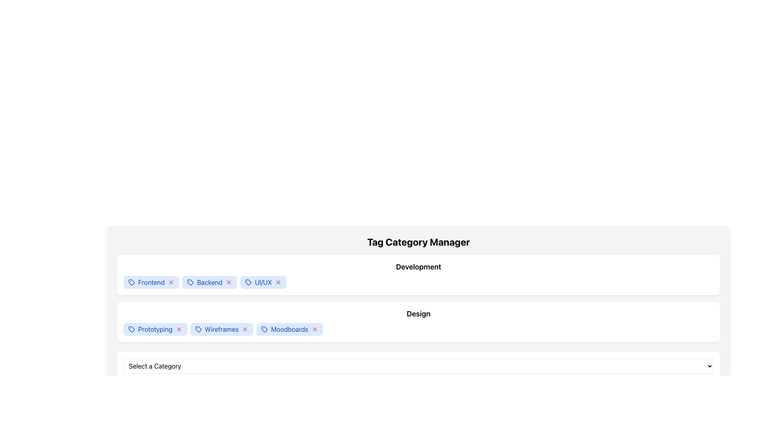 This screenshot has width=778, height=437. What do you see at coordinates (263, 282) in the screenshot?
I see `the 'UI/UX' tag element, which is the third tag under the 'Development' section, styled with a blue color theme and a rounded light-blue background` at bounding box center [263, 282].